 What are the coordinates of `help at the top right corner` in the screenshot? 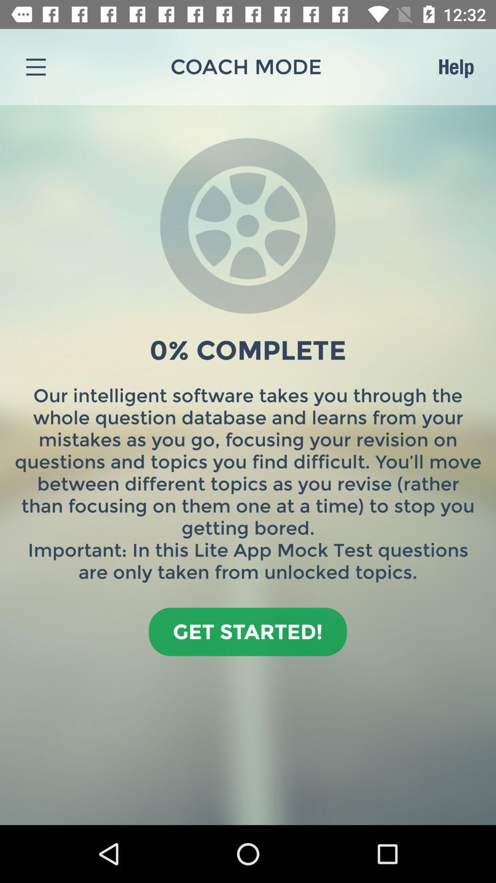 It's located at (456, 66).